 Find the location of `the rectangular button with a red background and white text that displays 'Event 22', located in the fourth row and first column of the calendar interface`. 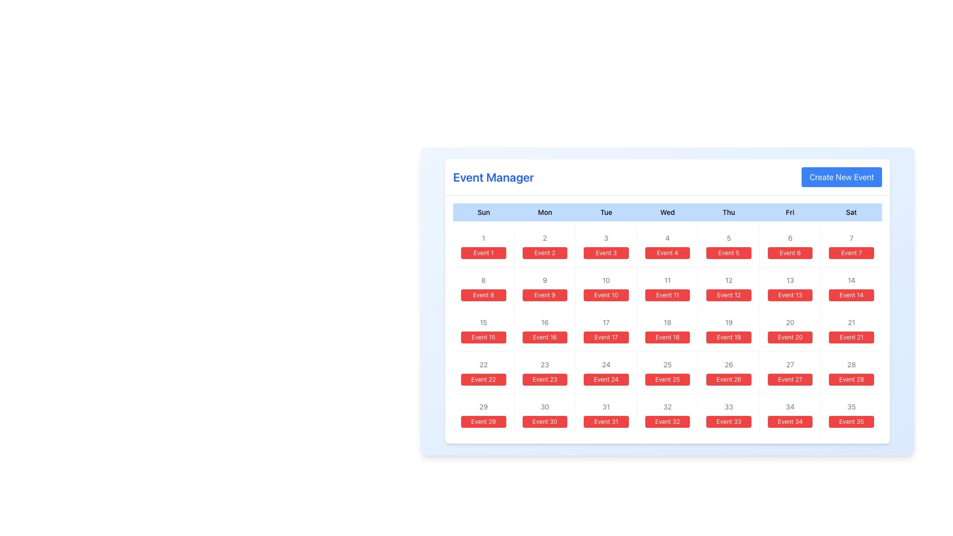

the rectangular button with a red background and white text that displays 'Event 22', located in the fourth row and first column of the calendar interface is located at coordinates (483, 379).